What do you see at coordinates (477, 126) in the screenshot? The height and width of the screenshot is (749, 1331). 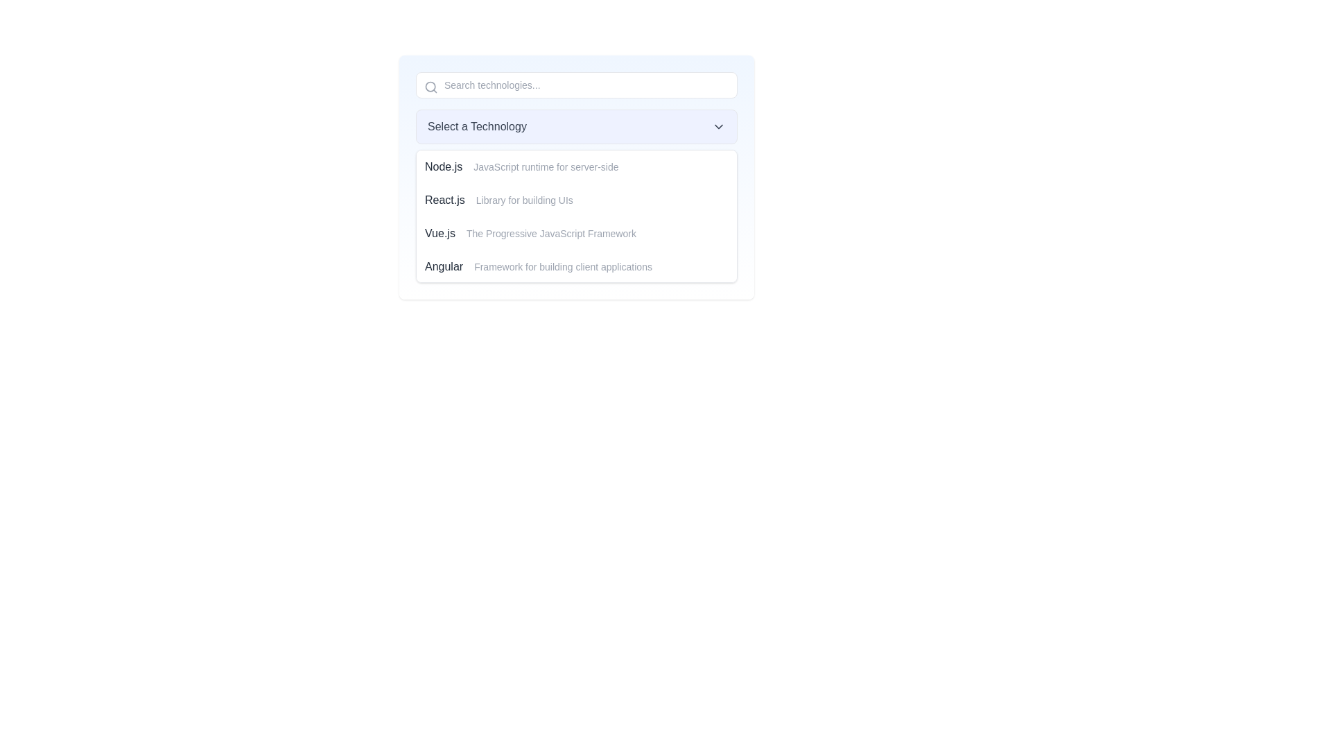 I see `the Text Label located at the left side of the bar just below the search box, which prompts the user for selecting a technology from the dropdown menu` at bounding box center [477, 126].